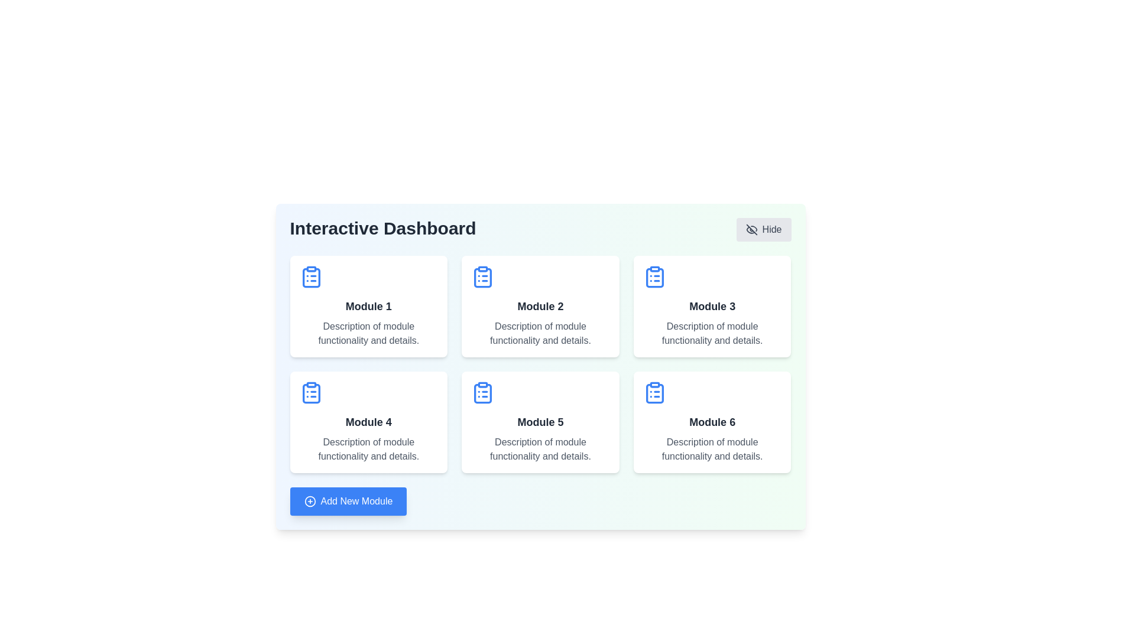 This screenshot has height=638, width=1135. I want to click on the 'Module 3' text label, which is styled in bold and dark gray, positioned above a description text in the card layout of the Interactive Dashboard, so click(712, 306).